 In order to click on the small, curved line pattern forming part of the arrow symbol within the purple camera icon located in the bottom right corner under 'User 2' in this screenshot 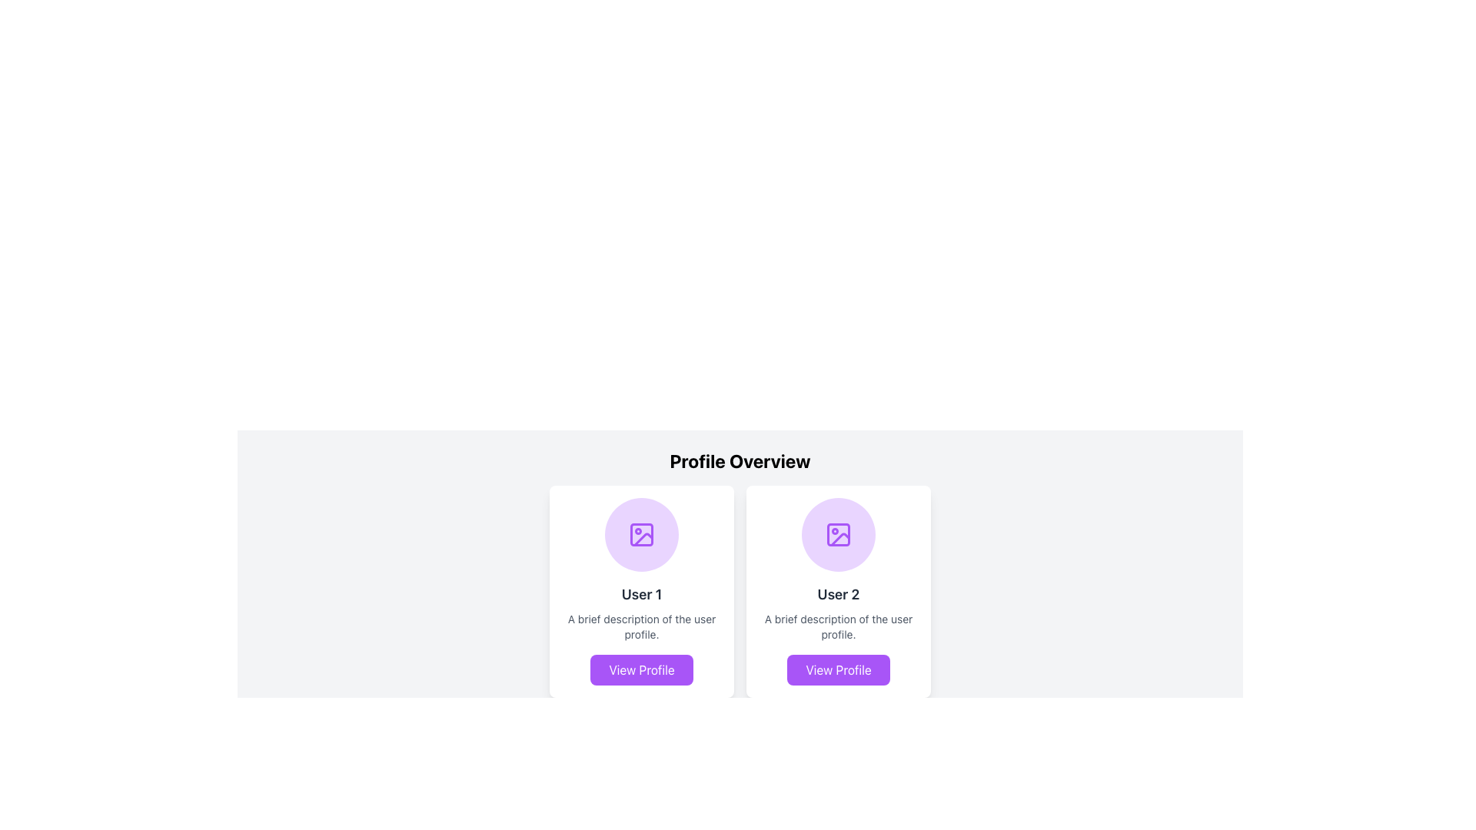, I will do `click(839, 539)`.